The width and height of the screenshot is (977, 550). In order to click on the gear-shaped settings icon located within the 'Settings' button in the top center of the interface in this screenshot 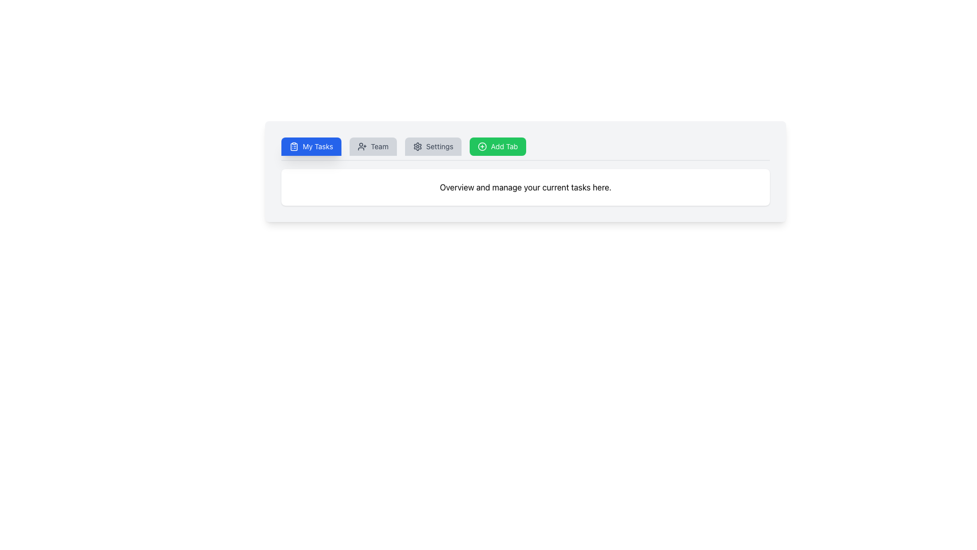, I will do `click(417, 147)`.